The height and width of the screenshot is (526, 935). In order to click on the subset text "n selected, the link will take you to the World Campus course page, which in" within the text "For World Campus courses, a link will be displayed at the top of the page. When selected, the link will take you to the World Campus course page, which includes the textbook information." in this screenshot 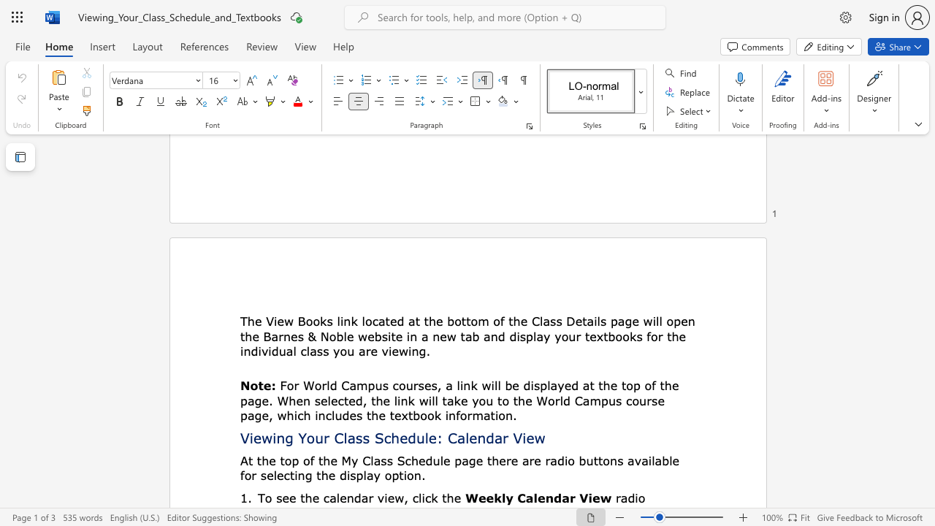, I will do `click(302, 400)`.